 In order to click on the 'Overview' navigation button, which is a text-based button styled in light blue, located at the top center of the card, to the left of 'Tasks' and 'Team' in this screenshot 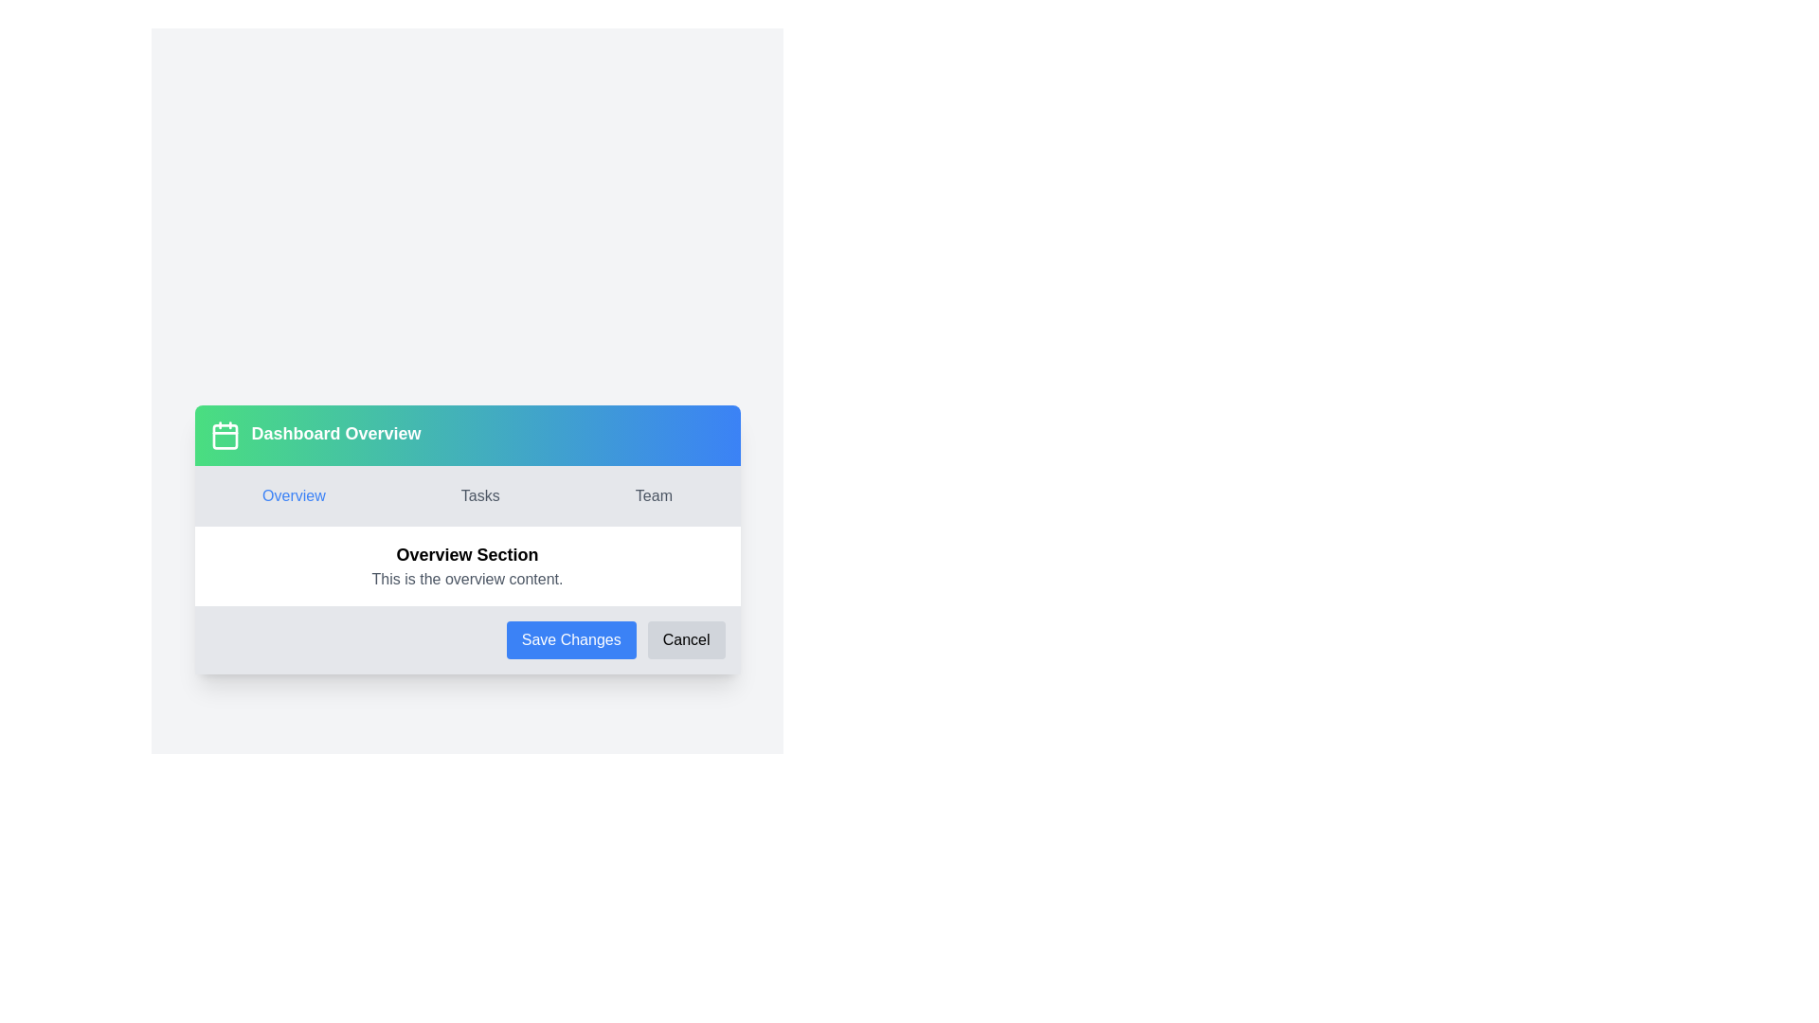, I will do `click(293, 495)`.